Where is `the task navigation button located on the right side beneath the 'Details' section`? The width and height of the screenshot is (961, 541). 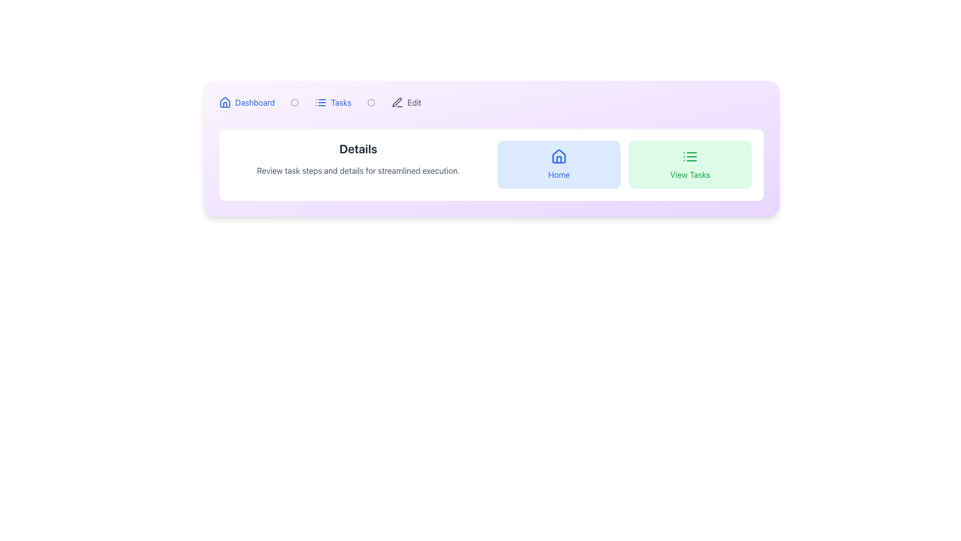
the task navigation button located on the right side beneath the 'Details' section is located at coordinates (689, 164).